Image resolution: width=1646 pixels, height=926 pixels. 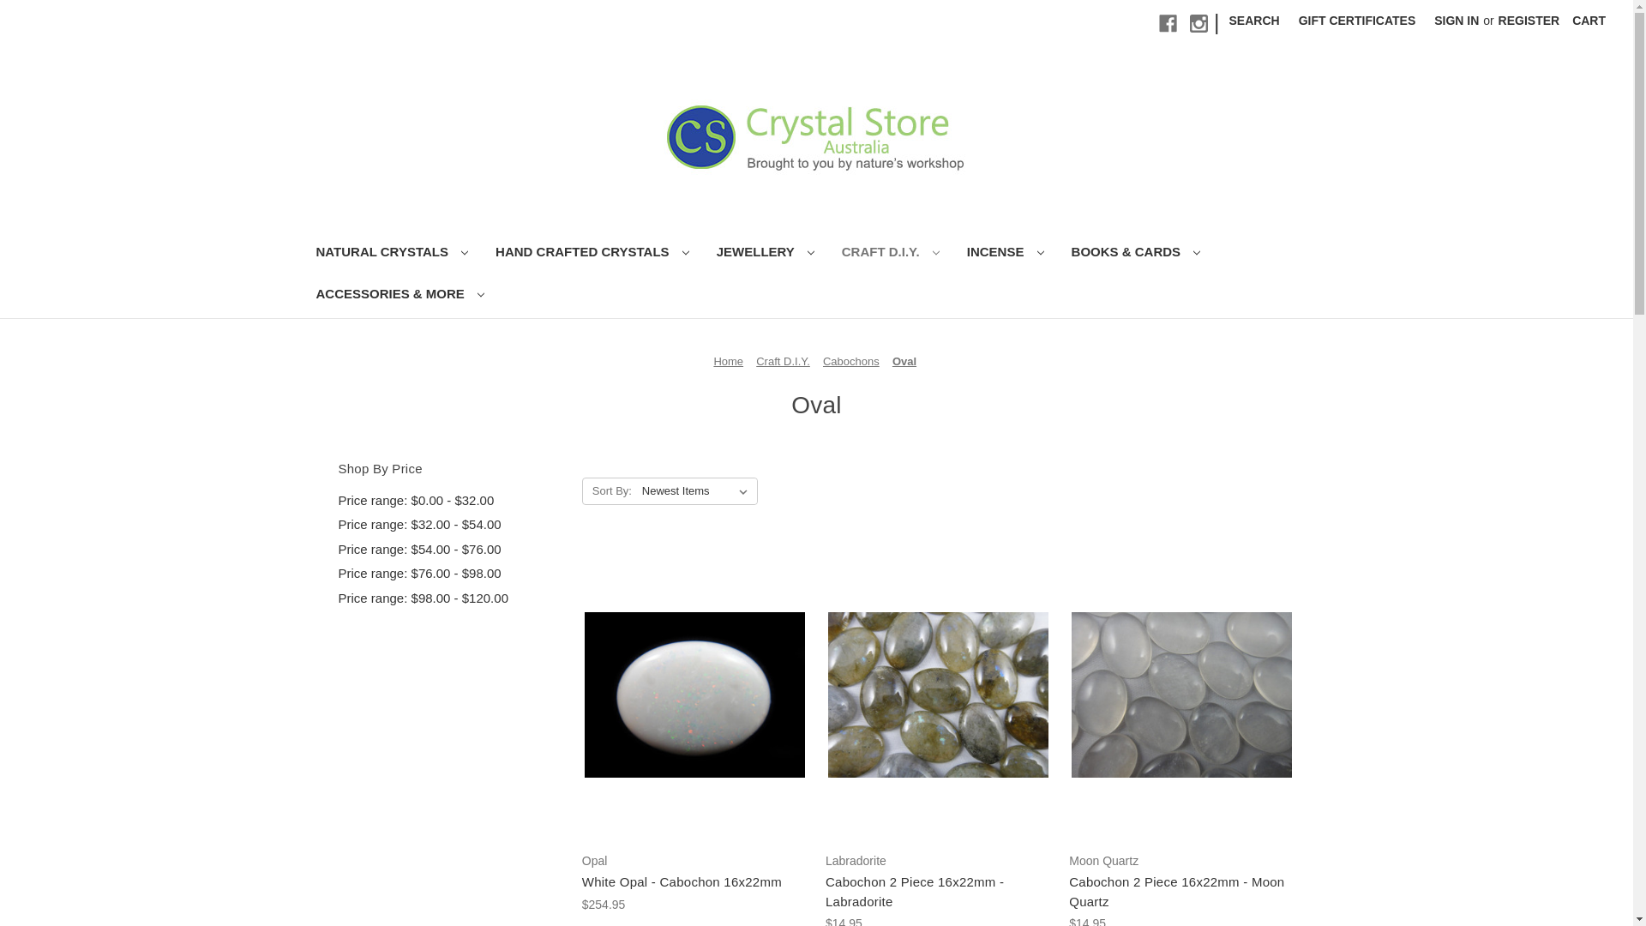 I want to click on 'Price range: $32.00 - $54.00', so click(x=337, y=524).